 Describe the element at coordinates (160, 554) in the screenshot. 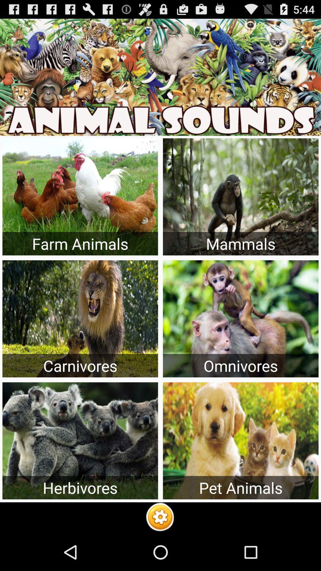

I see `the settings icon` at that location.